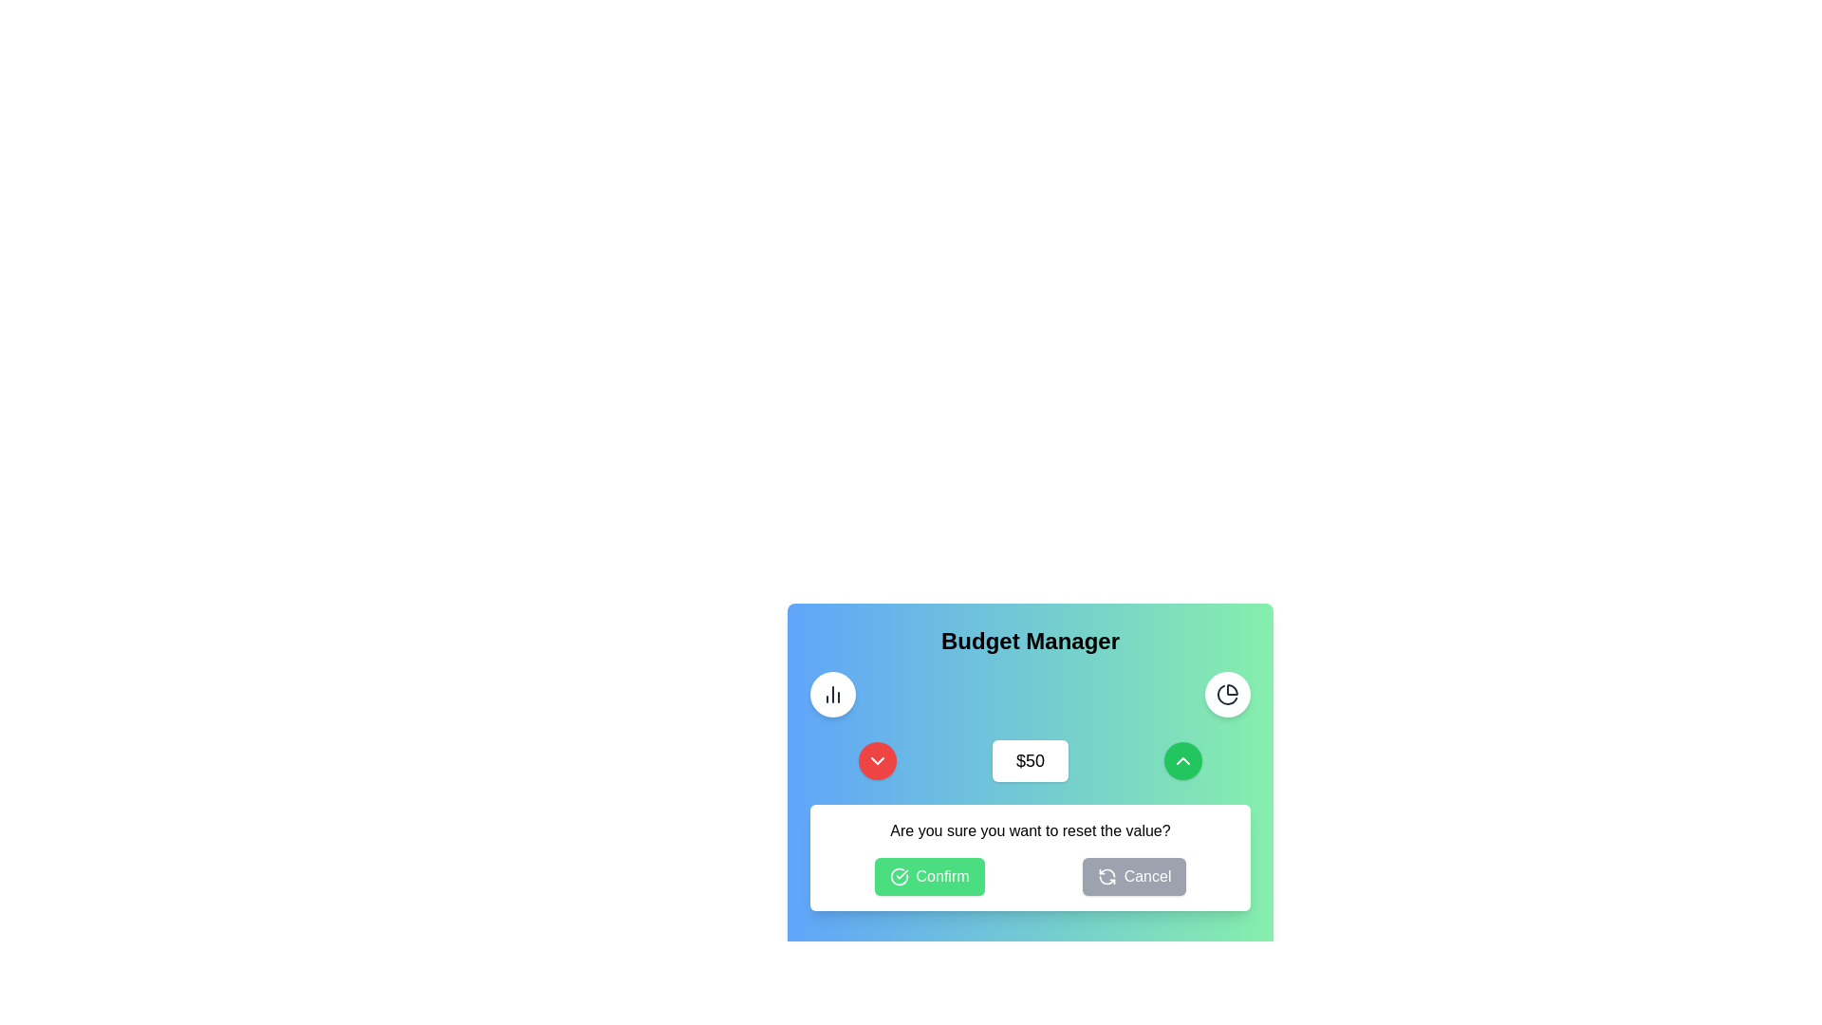  What do you see at coordinates (833, 695) in the screenshot?
I see `the circular button with a white background and a vertical bar chart icon` at bounding box center [833, 695].